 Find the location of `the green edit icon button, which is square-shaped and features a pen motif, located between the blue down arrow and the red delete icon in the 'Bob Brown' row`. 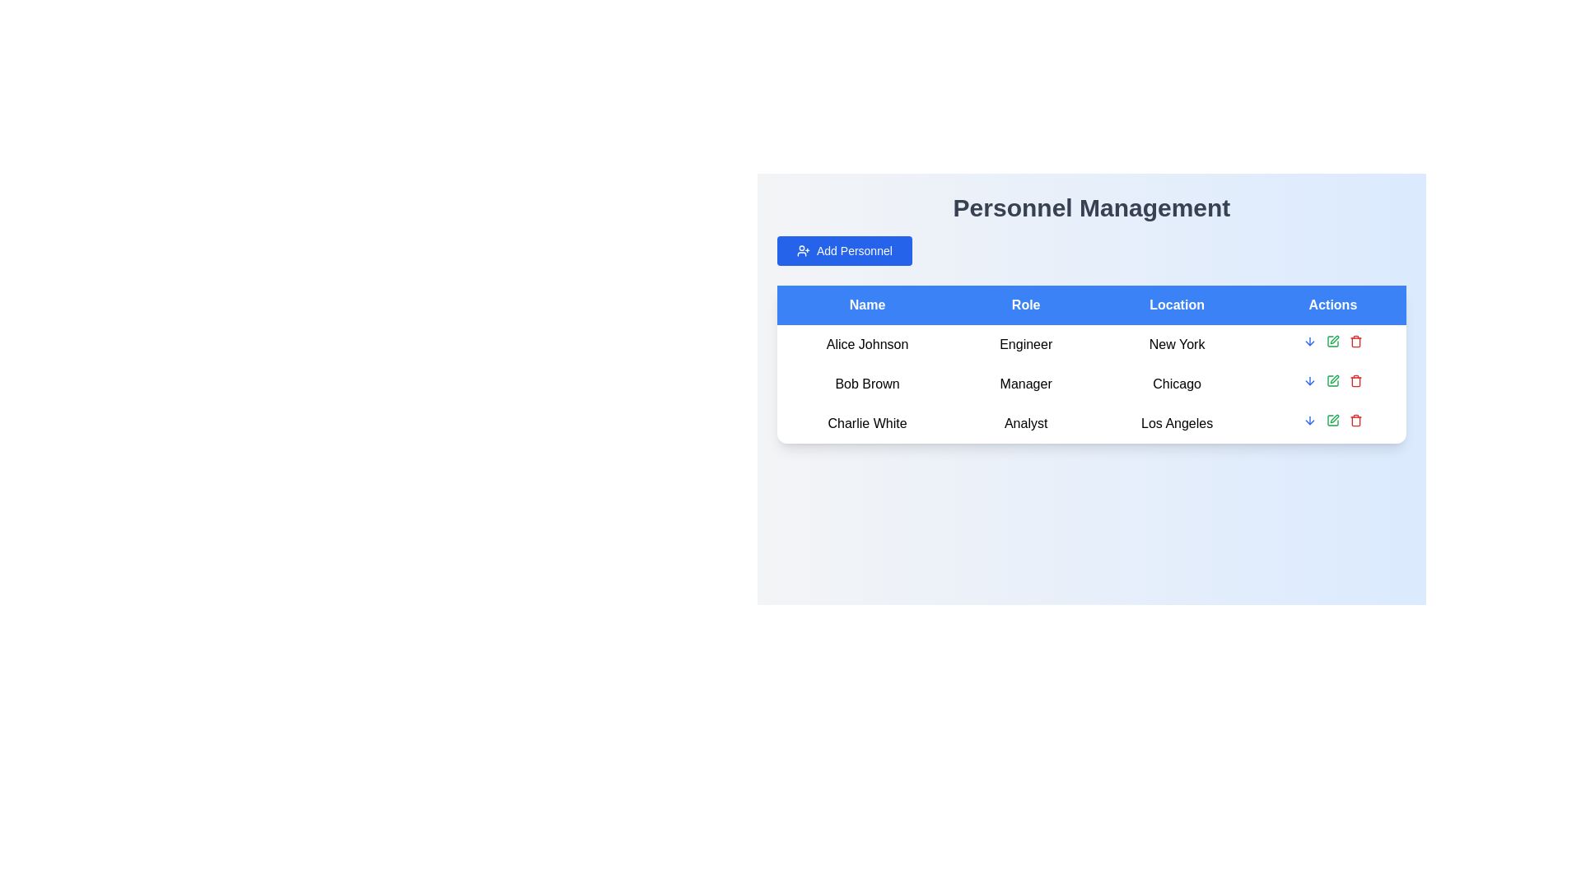

the green edit icon button, which is square-shaped and features a pen motif, located between the blue down arrow and the red delete icon in the 'Bob Brown' row is located at coordinates (1332, 341).